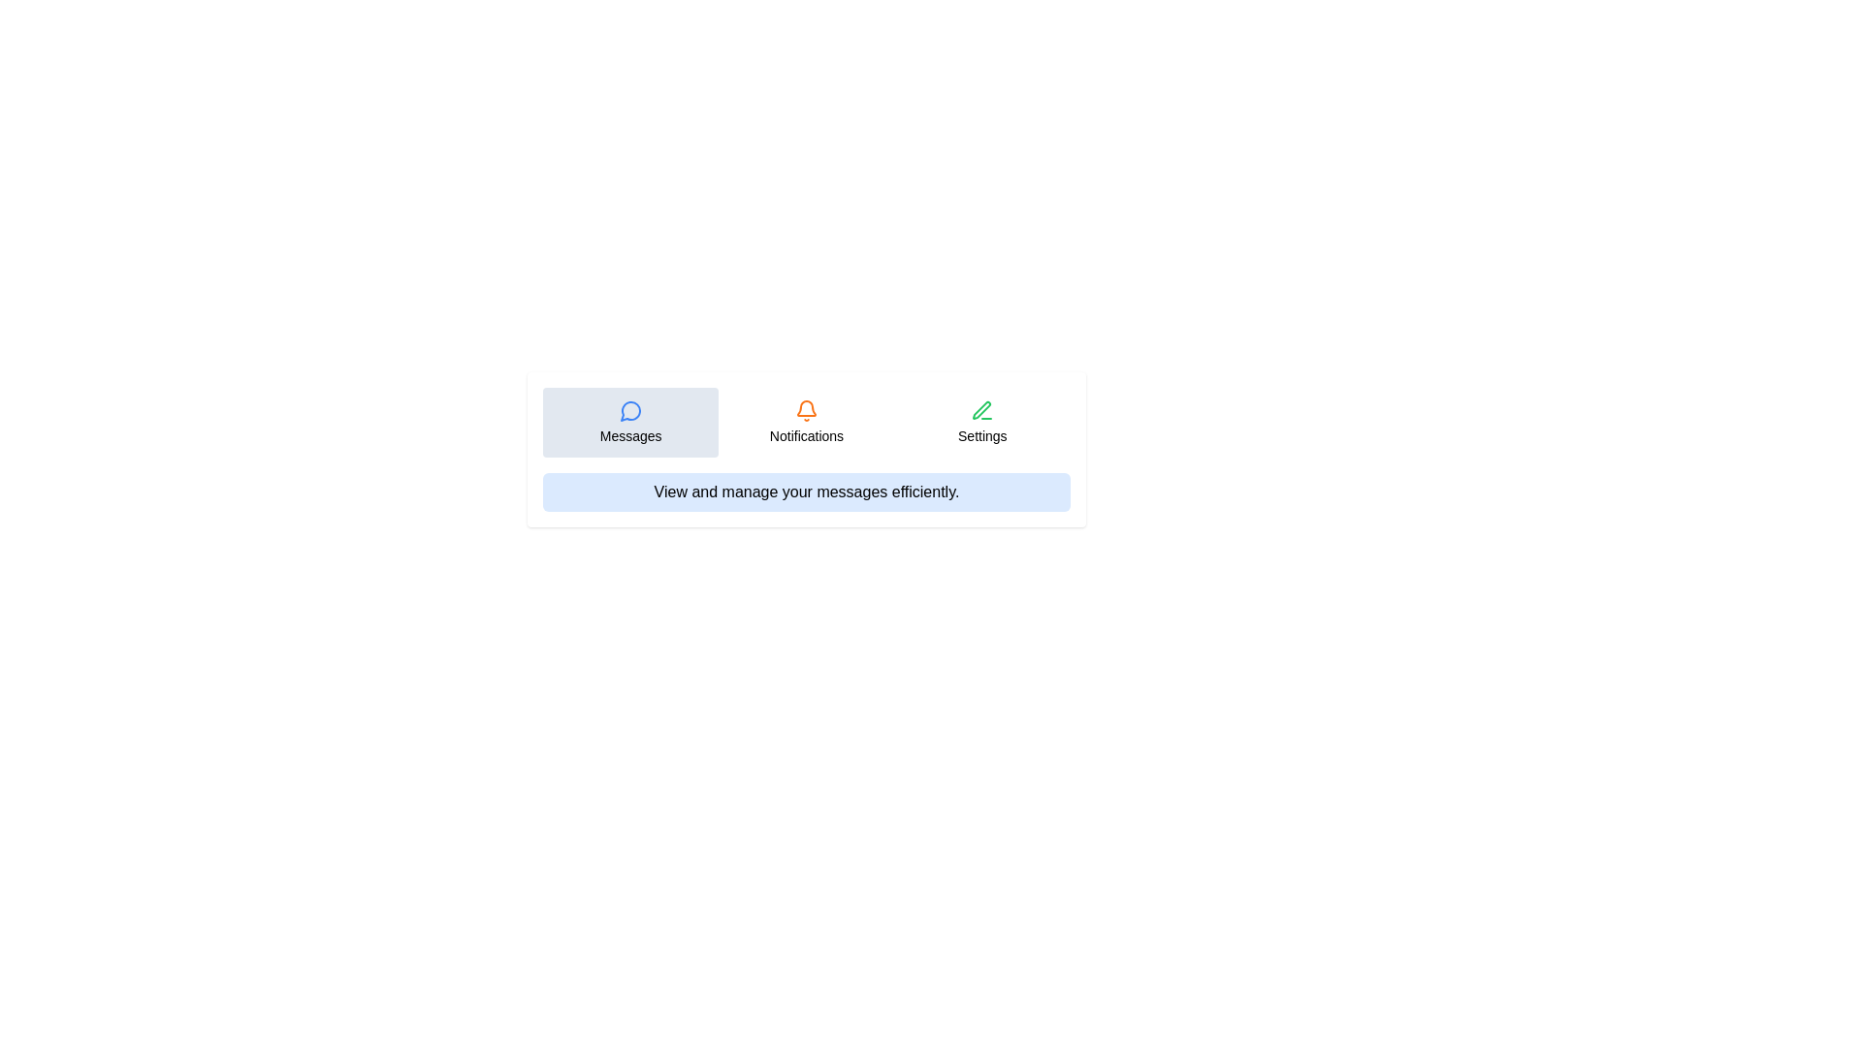  Describe the element at coordinates (981, 421) in the screenshot. I see `the tab labeled Settings` at that location.